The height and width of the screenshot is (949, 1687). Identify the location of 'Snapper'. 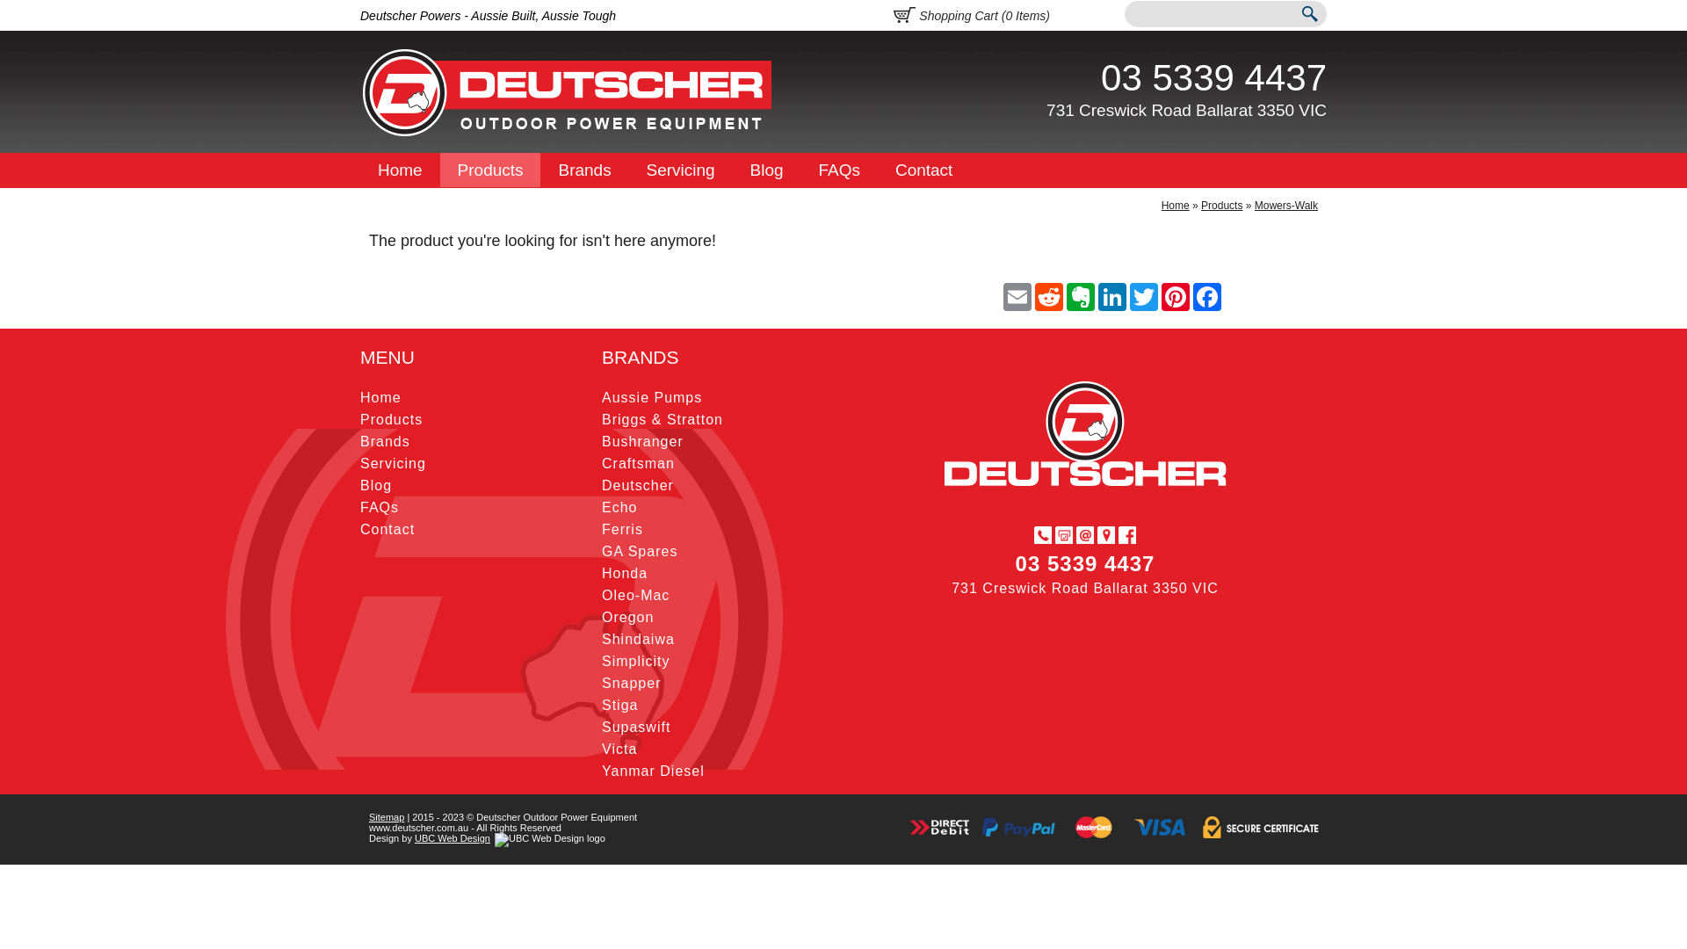
(632, 682).